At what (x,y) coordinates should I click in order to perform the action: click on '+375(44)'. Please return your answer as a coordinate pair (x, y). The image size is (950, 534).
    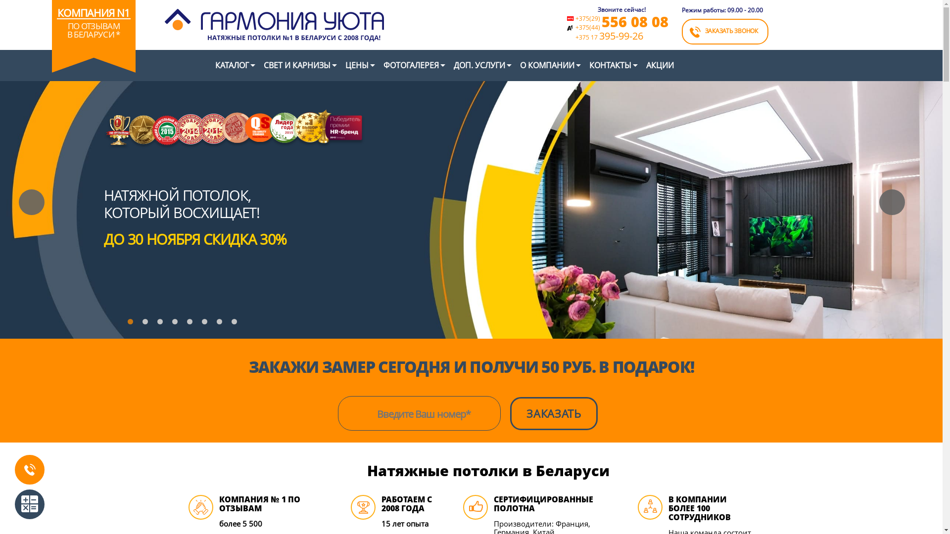
    Looking at the image, I should click on (587, 26).